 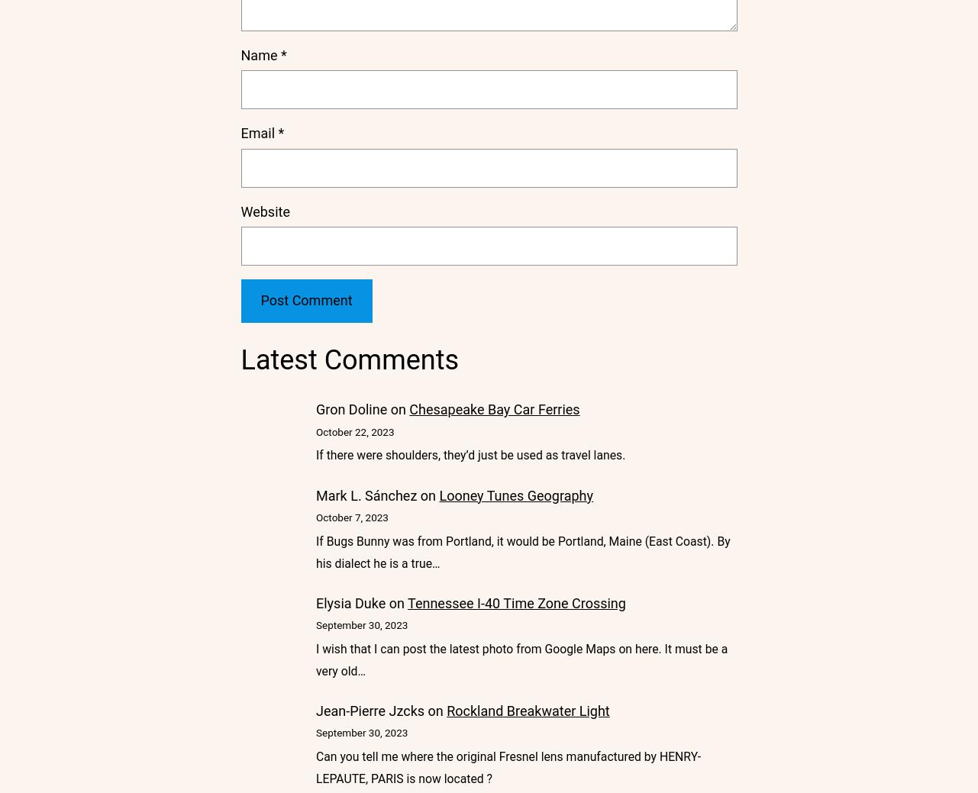 I want to click on 'Website', so click(x=239, y=211).